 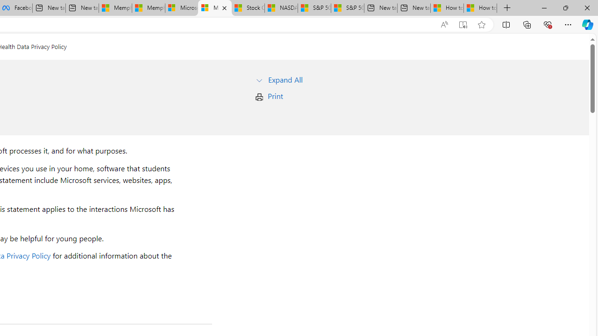 I want to click on 'S&P 500, Nasdaq end lower, weighed by Nvidia dip | Watch', so click(x=347, y=8).